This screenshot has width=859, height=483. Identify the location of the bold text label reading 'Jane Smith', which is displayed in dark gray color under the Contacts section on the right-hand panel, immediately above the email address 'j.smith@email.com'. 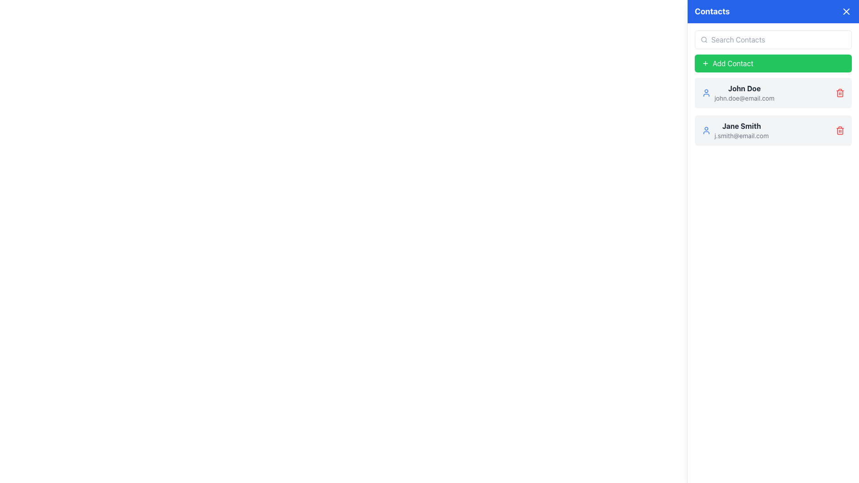
(741, 126).